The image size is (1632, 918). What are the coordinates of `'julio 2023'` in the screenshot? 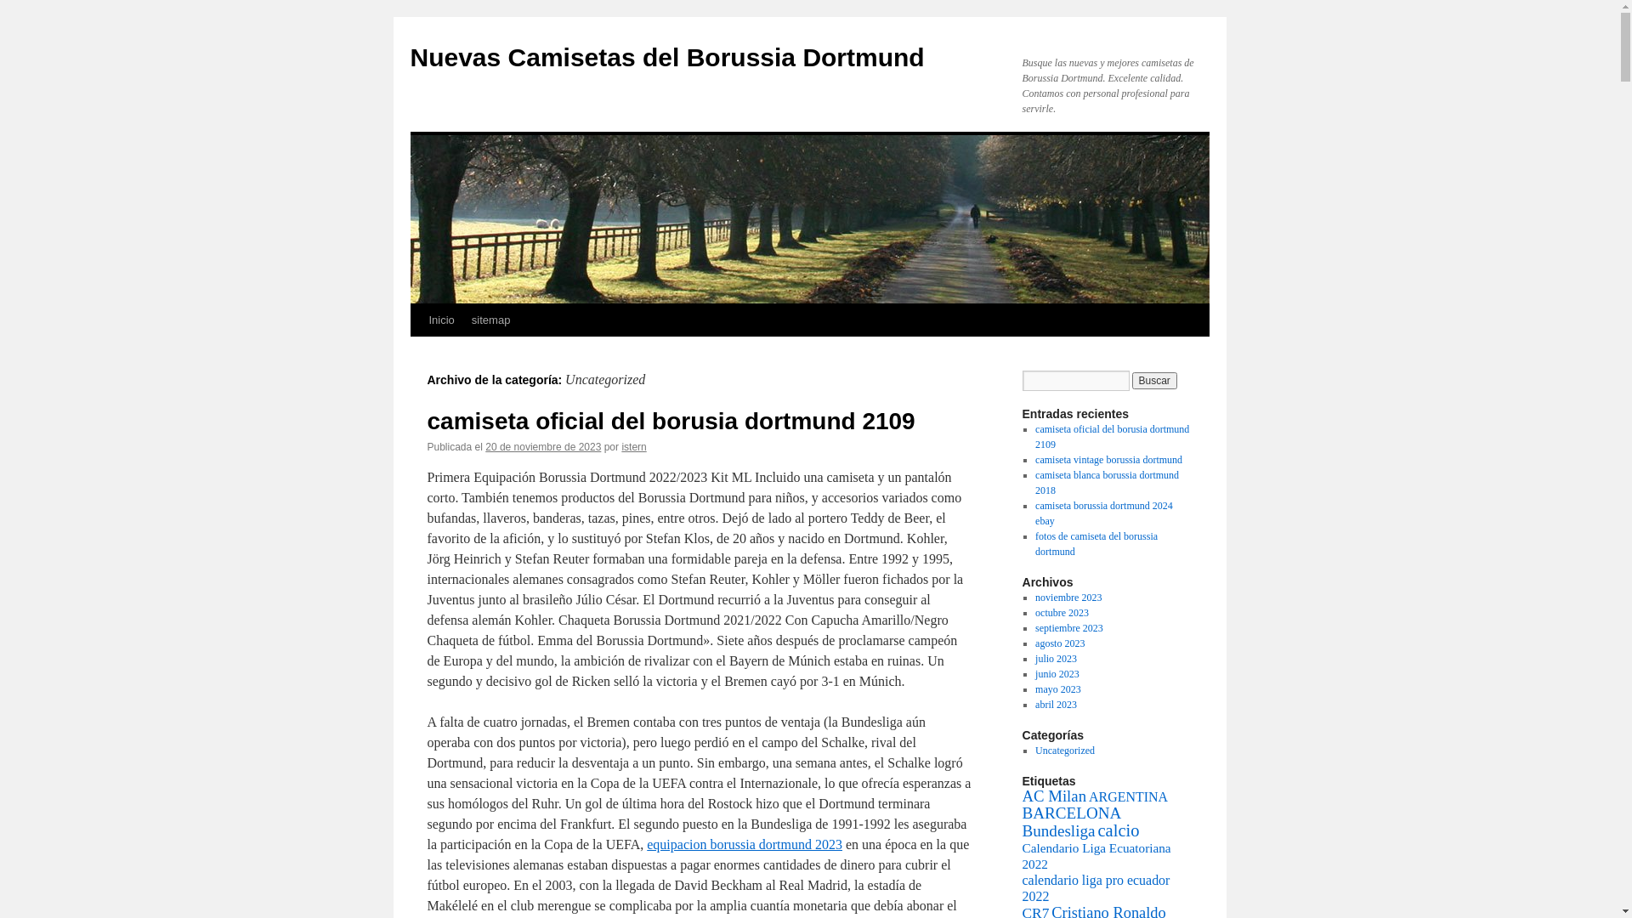 It's located at (1055, 658).